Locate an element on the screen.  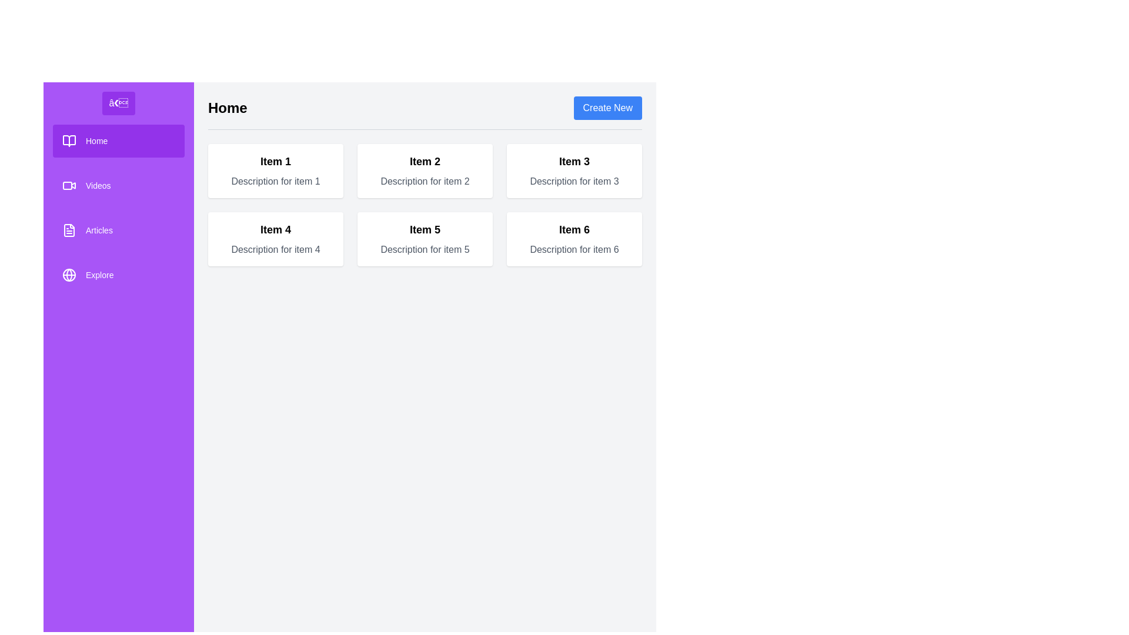
the card in the grid layout is located at coordinates (425, 204).